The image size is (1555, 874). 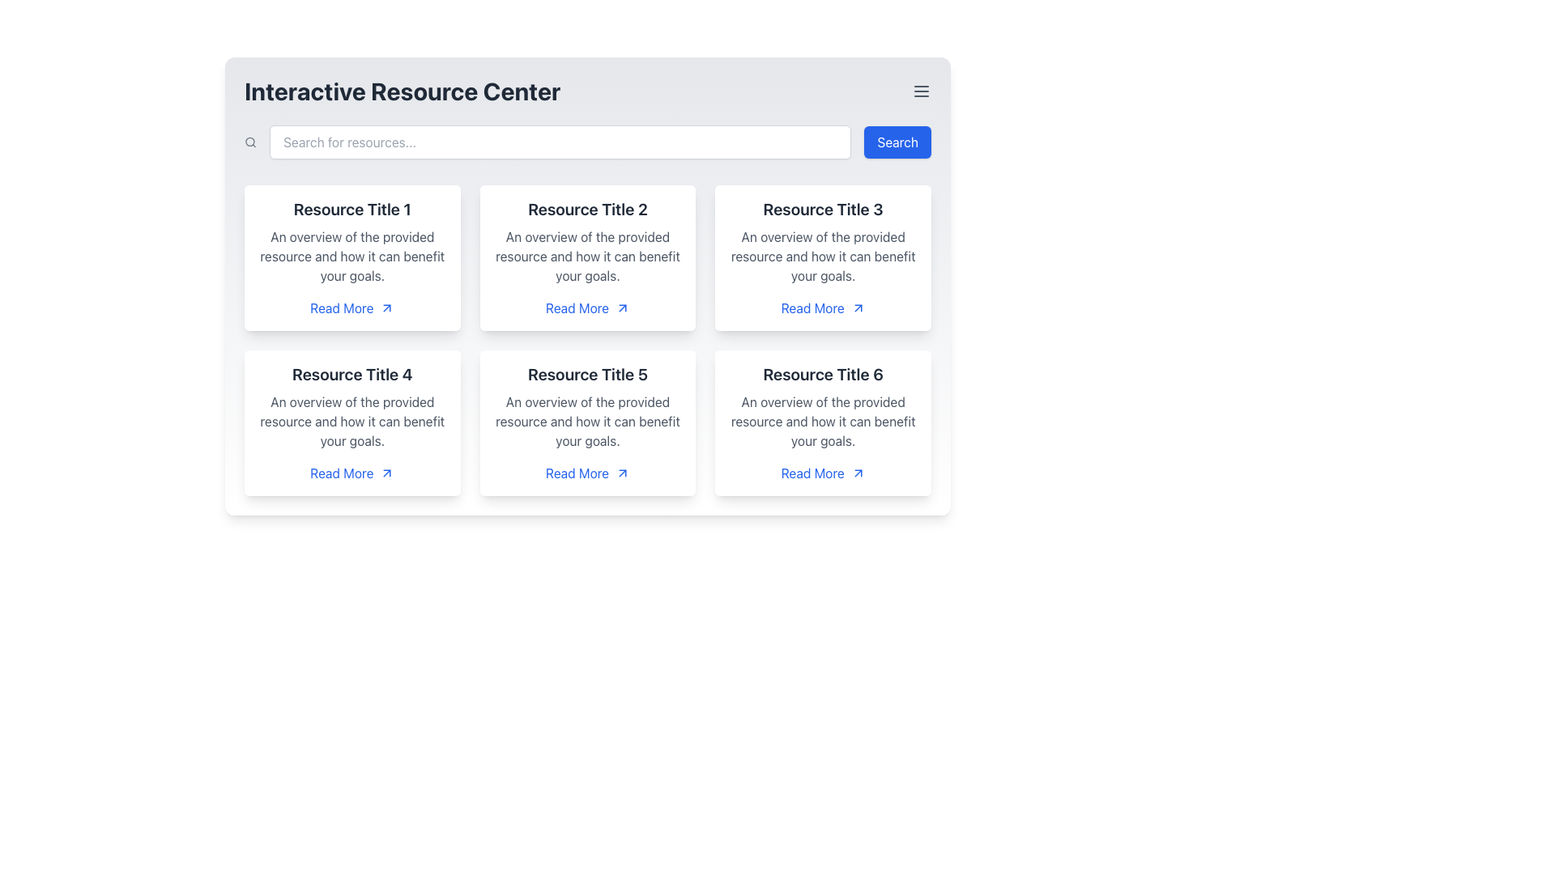 I want to click on the clickable link located in the second row, second column of the grid layout, positioned beneath the description text 'An overview of the provided resource and how it can benefit your goals.' and below the title 'Resource Title 2', so click(x=586, y=308).